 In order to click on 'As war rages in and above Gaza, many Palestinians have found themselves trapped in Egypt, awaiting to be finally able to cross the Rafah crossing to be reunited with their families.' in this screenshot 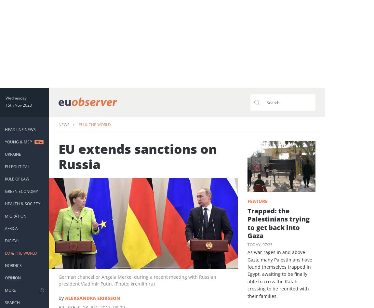, I will do `click(279, 274)`.